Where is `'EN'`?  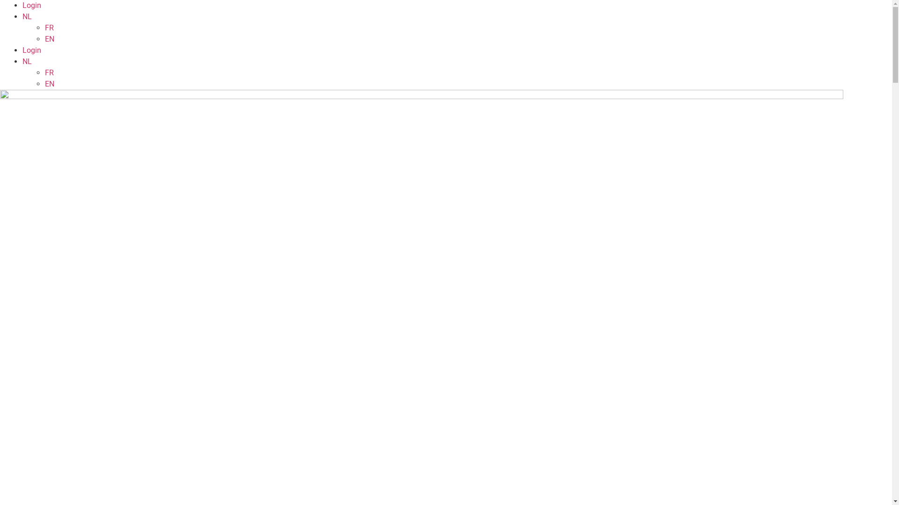
'EN' is located at coordinates (44, 83).